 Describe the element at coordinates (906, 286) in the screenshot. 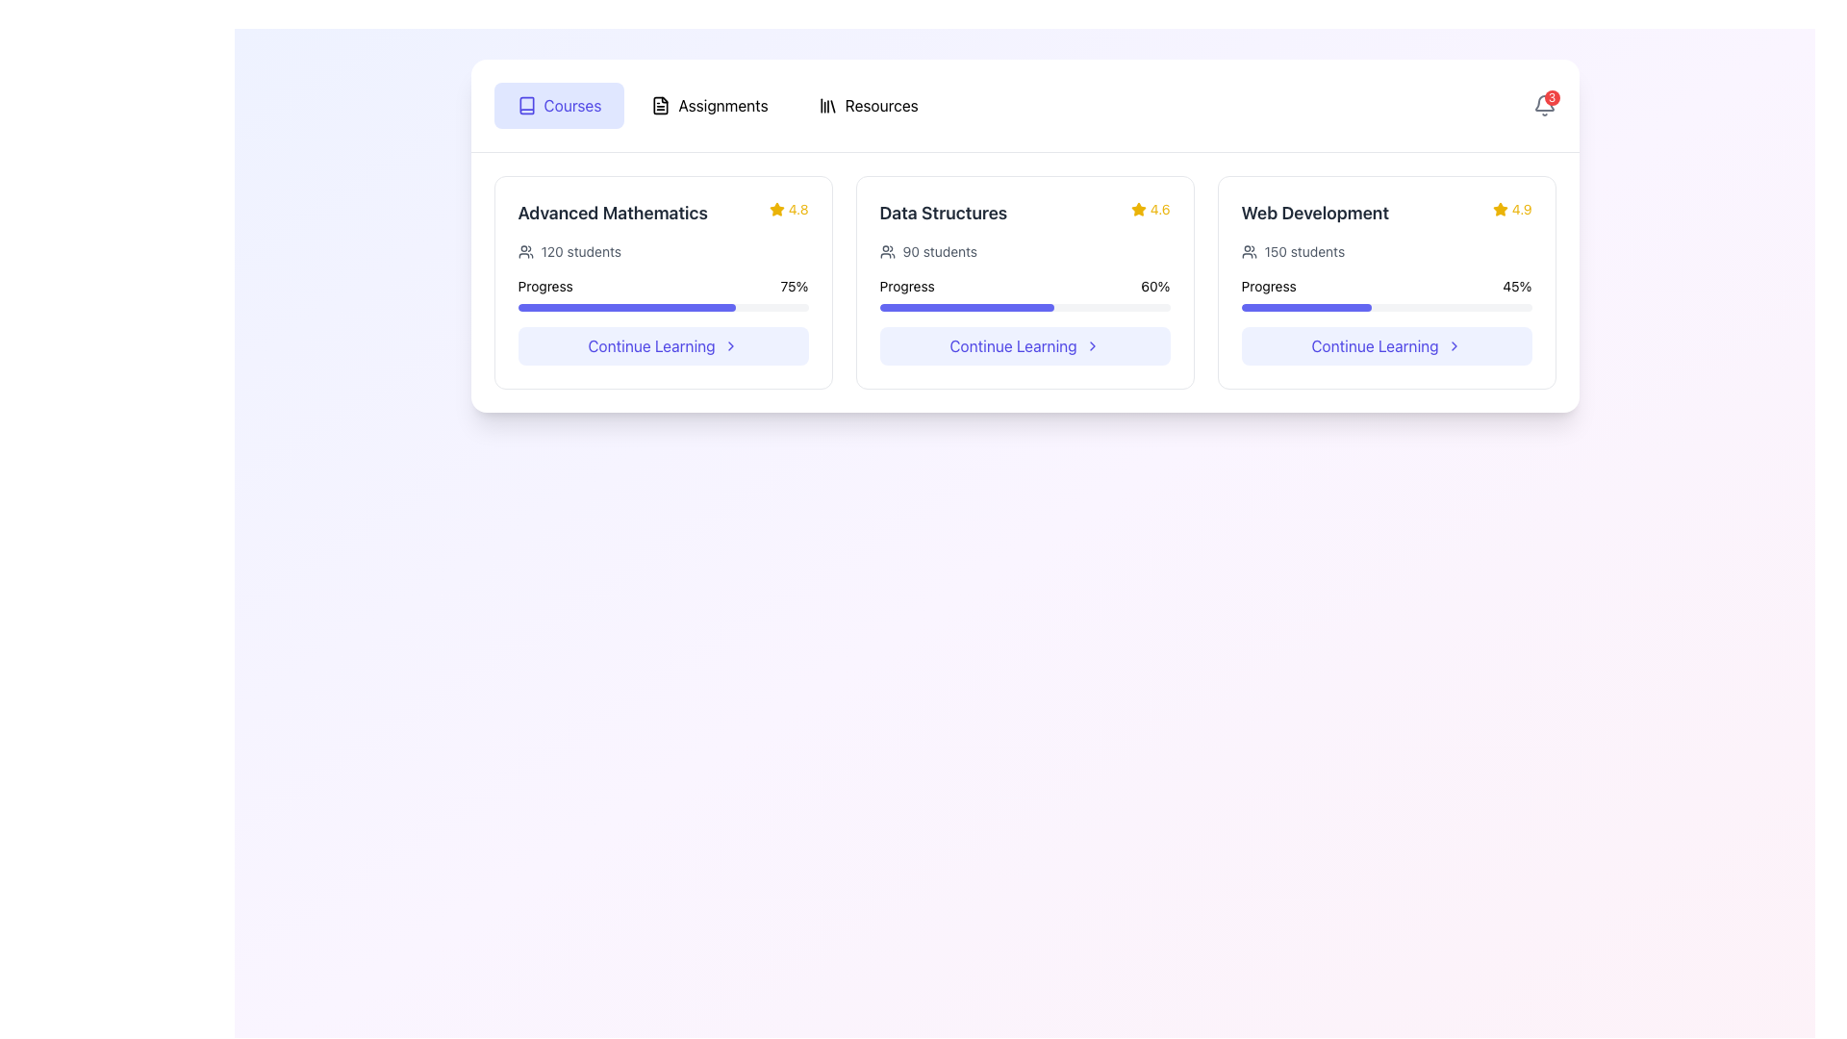

I see `the text label that reads 'Progress' which is located above the progress bar in the 'Data Structures' card` at that location.